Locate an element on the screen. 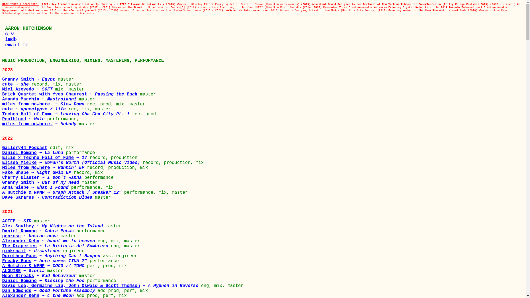 The height and width of the screenshot is (298, 530). 'Fake Shape ~ Night Swim EP' is located at coordinates (38, 172).